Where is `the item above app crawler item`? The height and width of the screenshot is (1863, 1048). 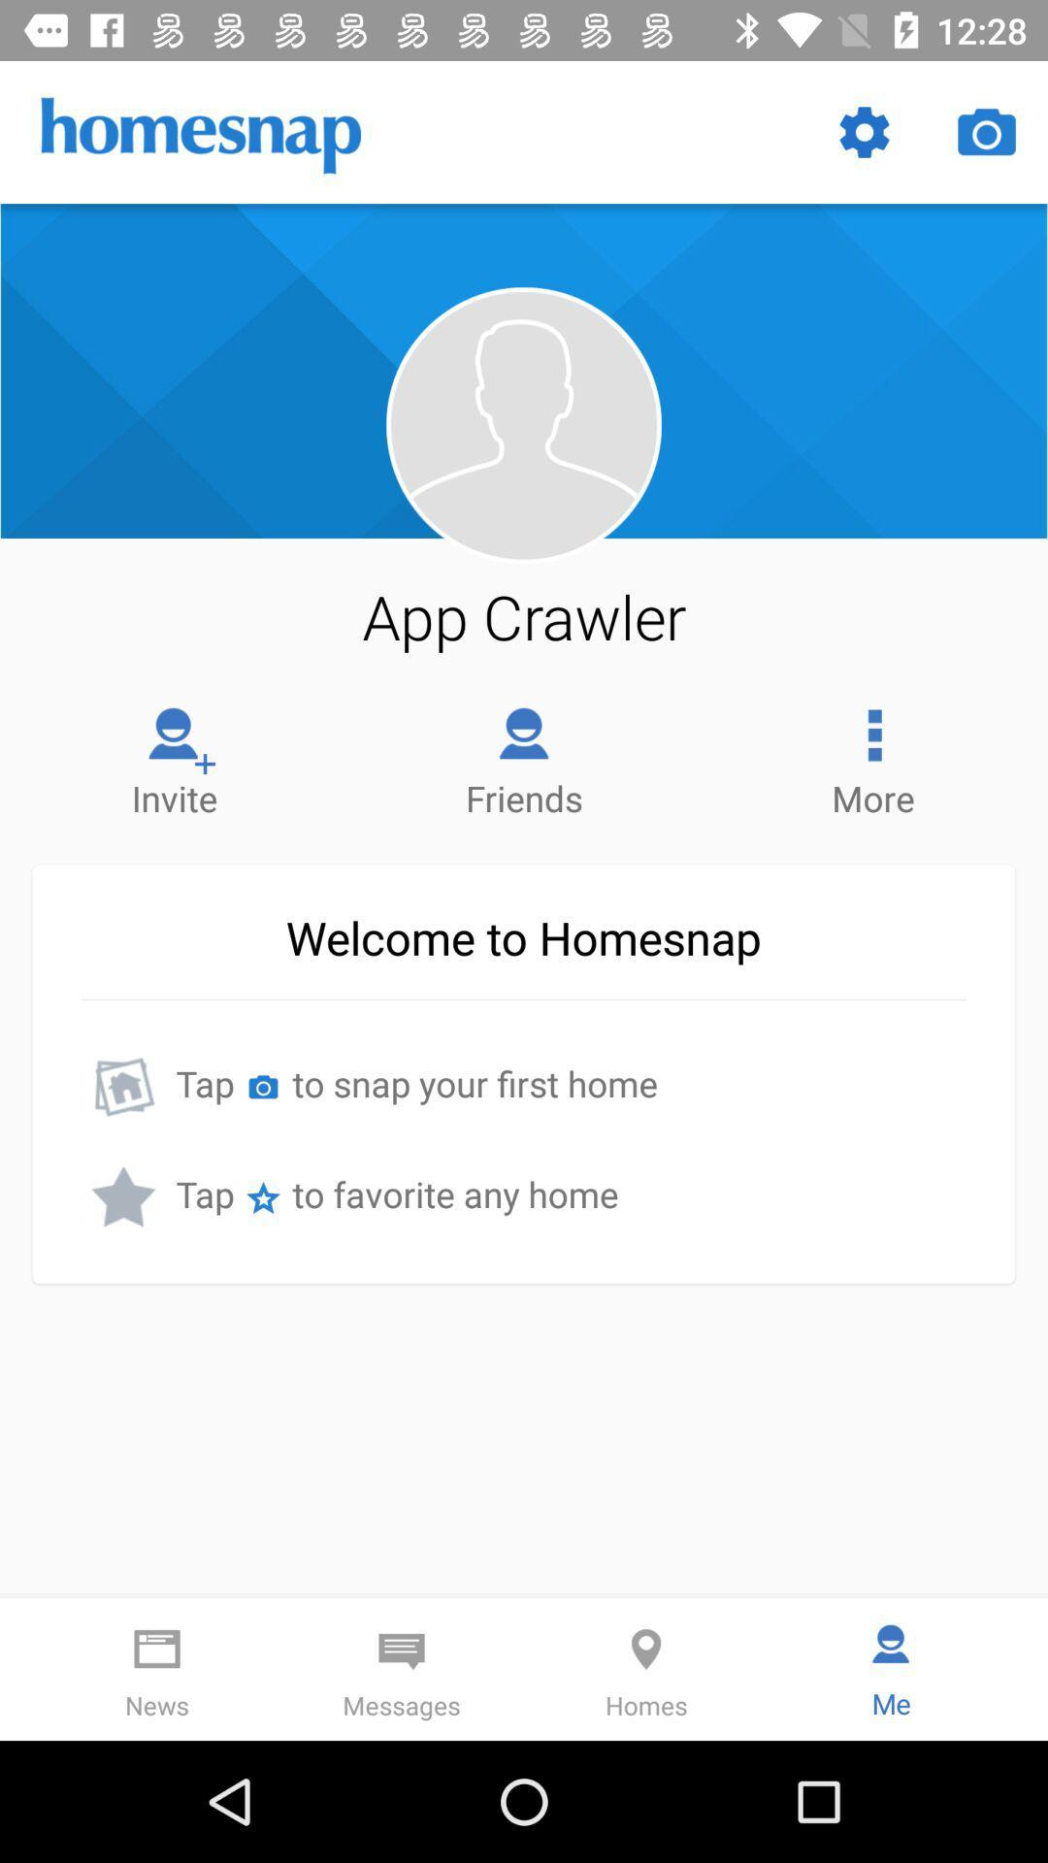 the item above app crawler item is located at coordinates (522, 424).